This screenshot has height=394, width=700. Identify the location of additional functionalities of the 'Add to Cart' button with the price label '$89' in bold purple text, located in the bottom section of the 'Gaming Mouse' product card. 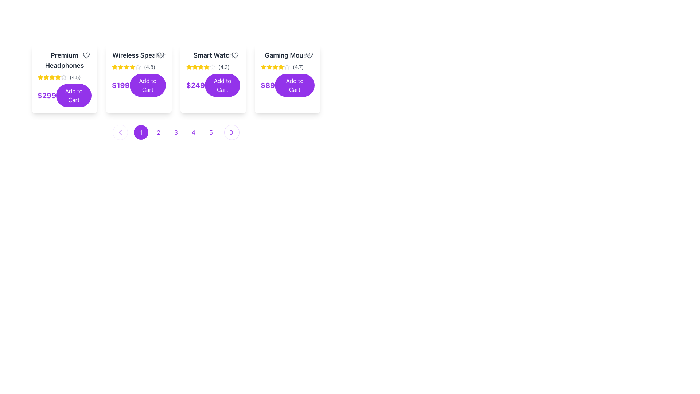
(287, 85).